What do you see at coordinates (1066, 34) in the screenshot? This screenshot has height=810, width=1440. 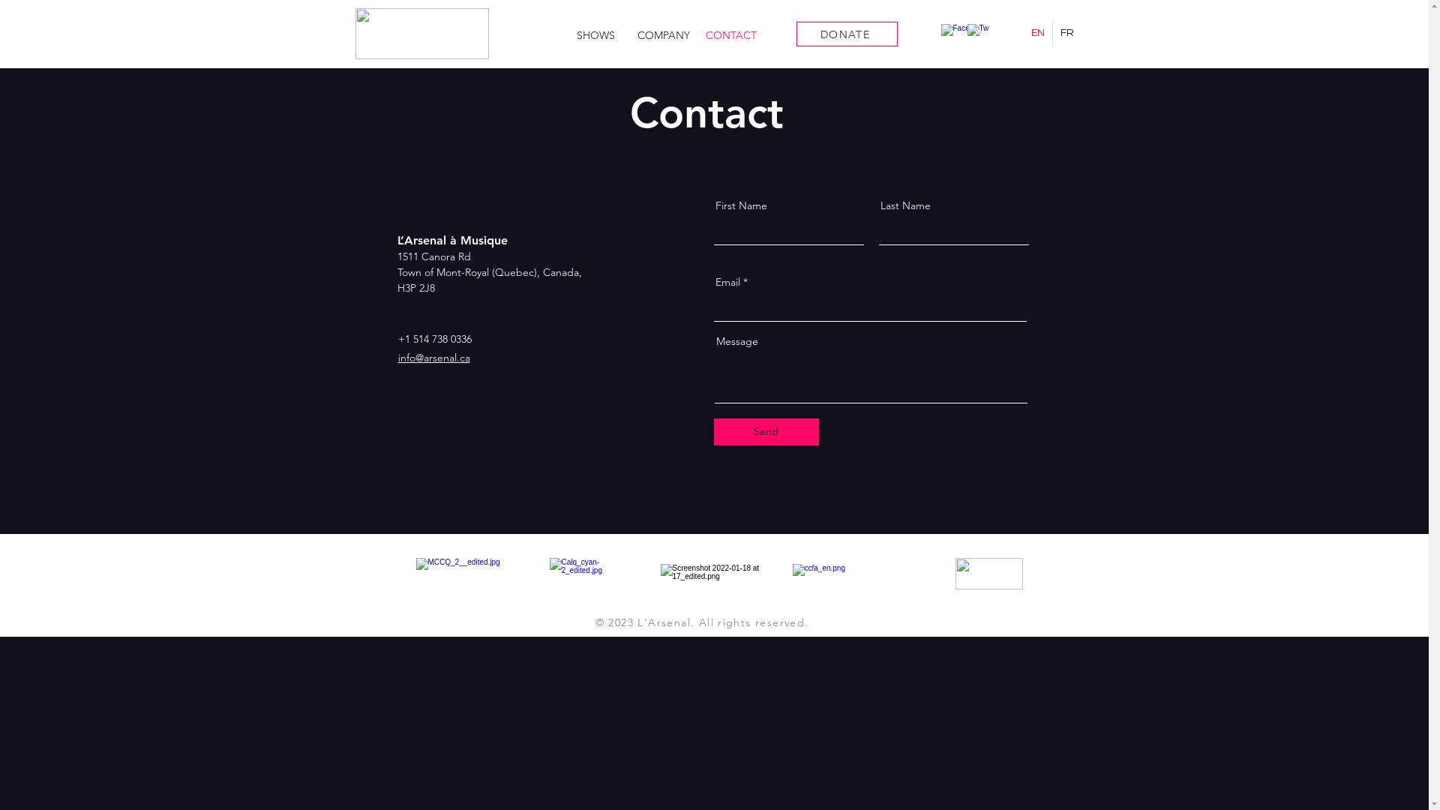 I see `'FR'` at bounding box center [1066, 34].